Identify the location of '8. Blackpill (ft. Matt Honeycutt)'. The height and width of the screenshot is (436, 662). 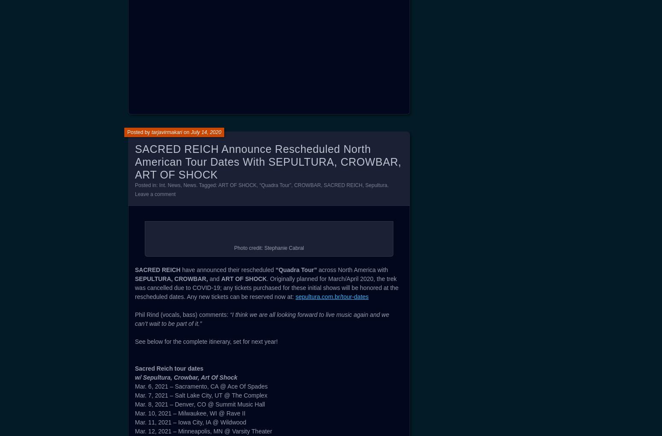
(175, 48).